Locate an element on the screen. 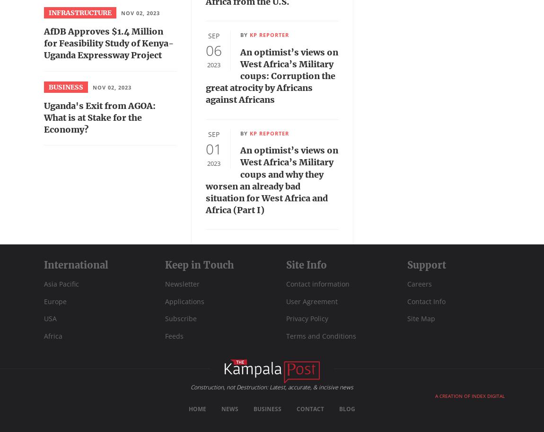 The height and width of the screenshot is (432, 544). 'business' is located at coordinates (48, 87).